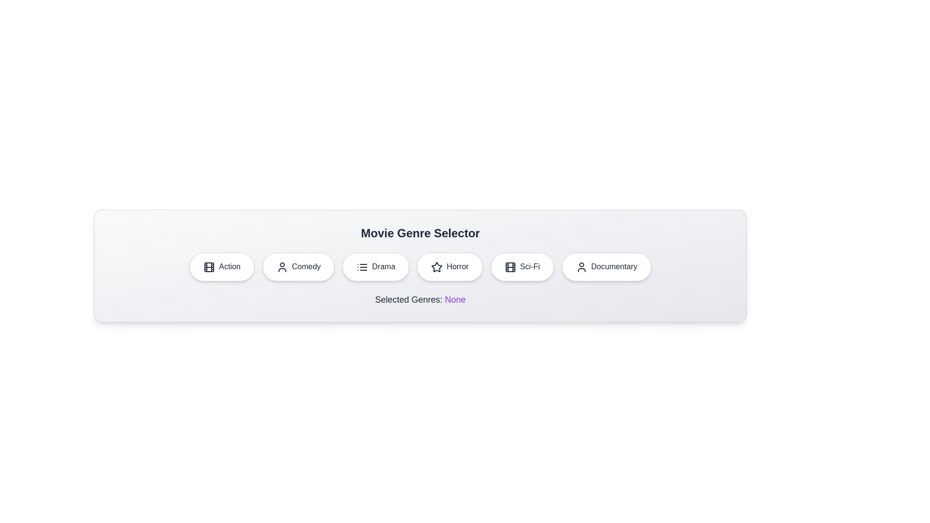 This screenshot has height=523, width=930. Describe the element at coordinates (420, 298) in the screenshot. I see `text displayed in the Text Display element that indicates the selected movie genres, which is located at the bottom of the genre selection interface` at that location.